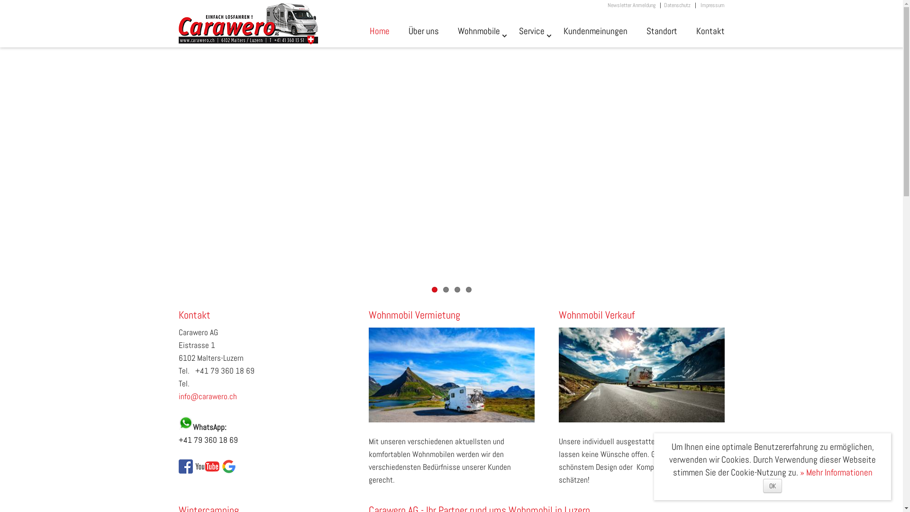 The height and width of the screenshot is (512, 910). Describe the element at coordinates (710, 36) in the screenshot. I see `'Kontakt'` at that location.